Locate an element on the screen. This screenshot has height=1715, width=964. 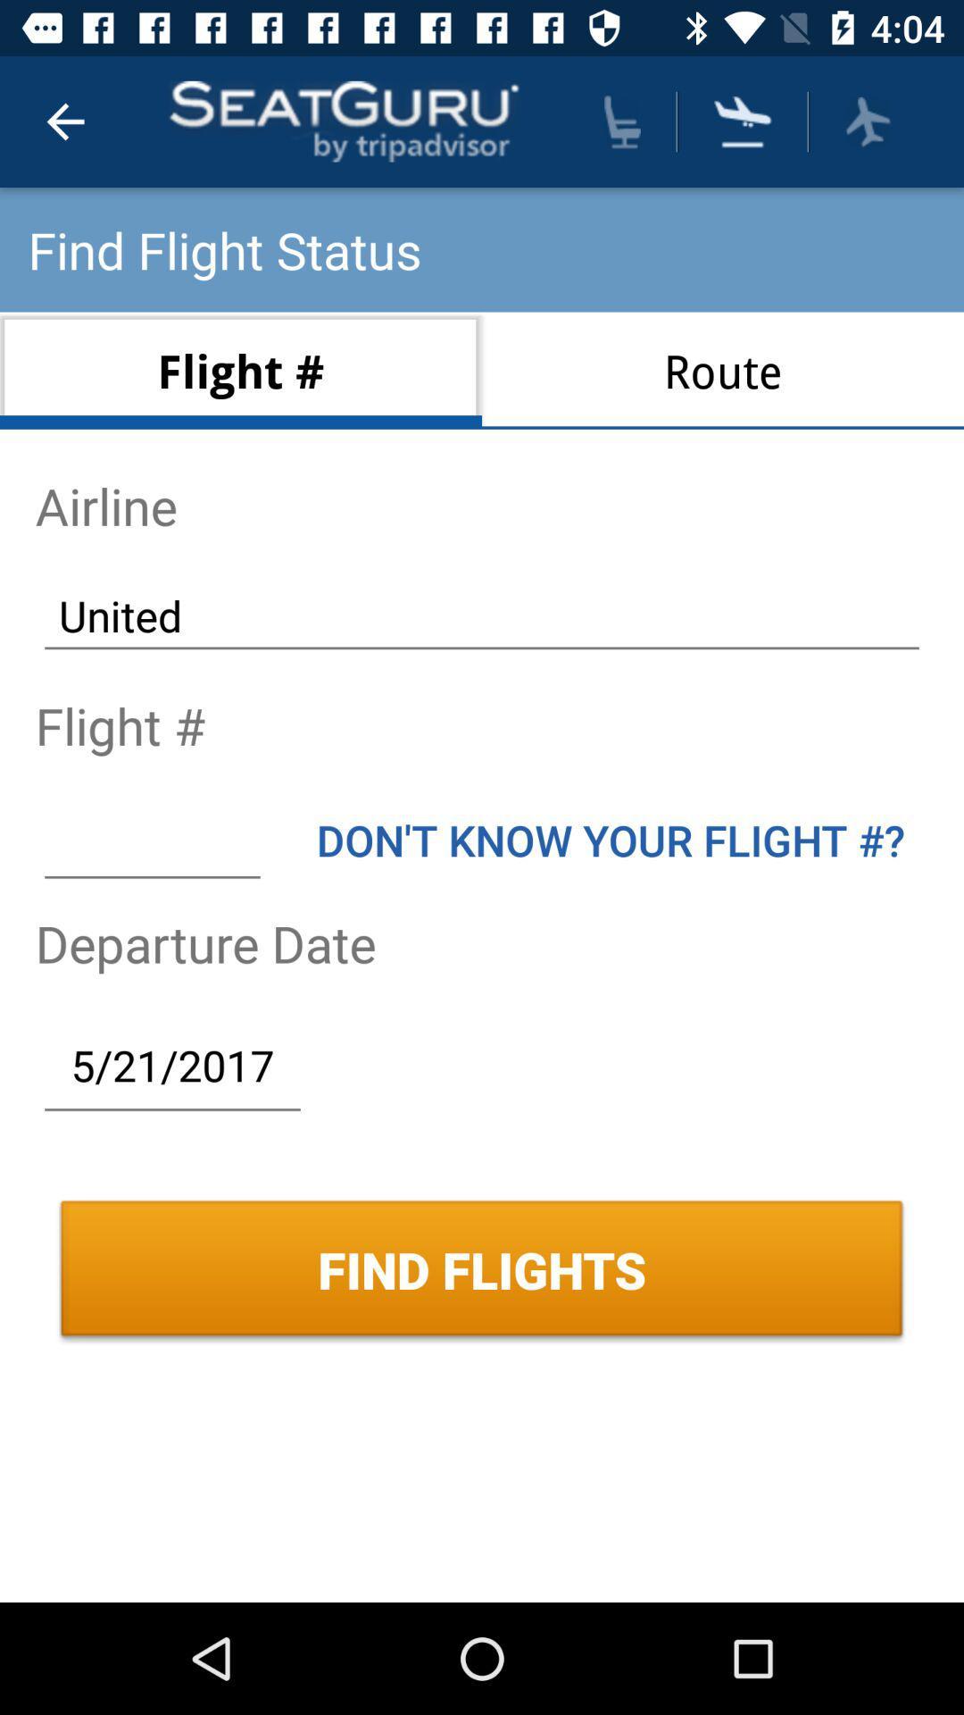
the icon above route is located at coordinates (621, 121).